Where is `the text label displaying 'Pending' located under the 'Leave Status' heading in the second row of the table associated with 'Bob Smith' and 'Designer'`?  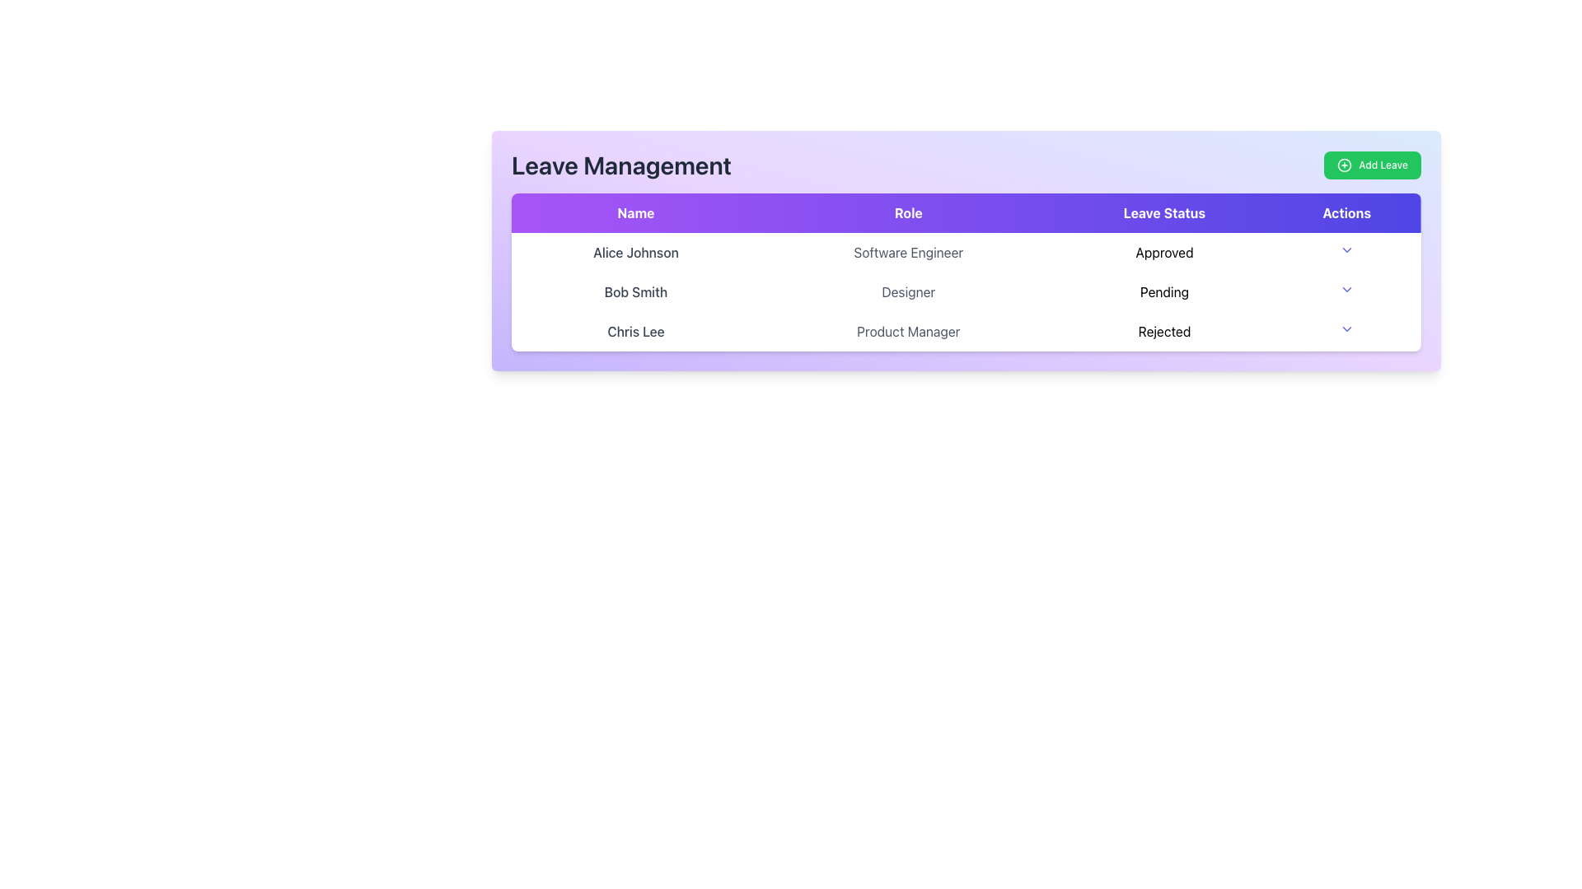 the text label displaying 'Pending' located under the 'Leave Status' heading in the second row of the table associated with 'Bob Smith' and 'Designer' is located at coordinates (1163, 291).